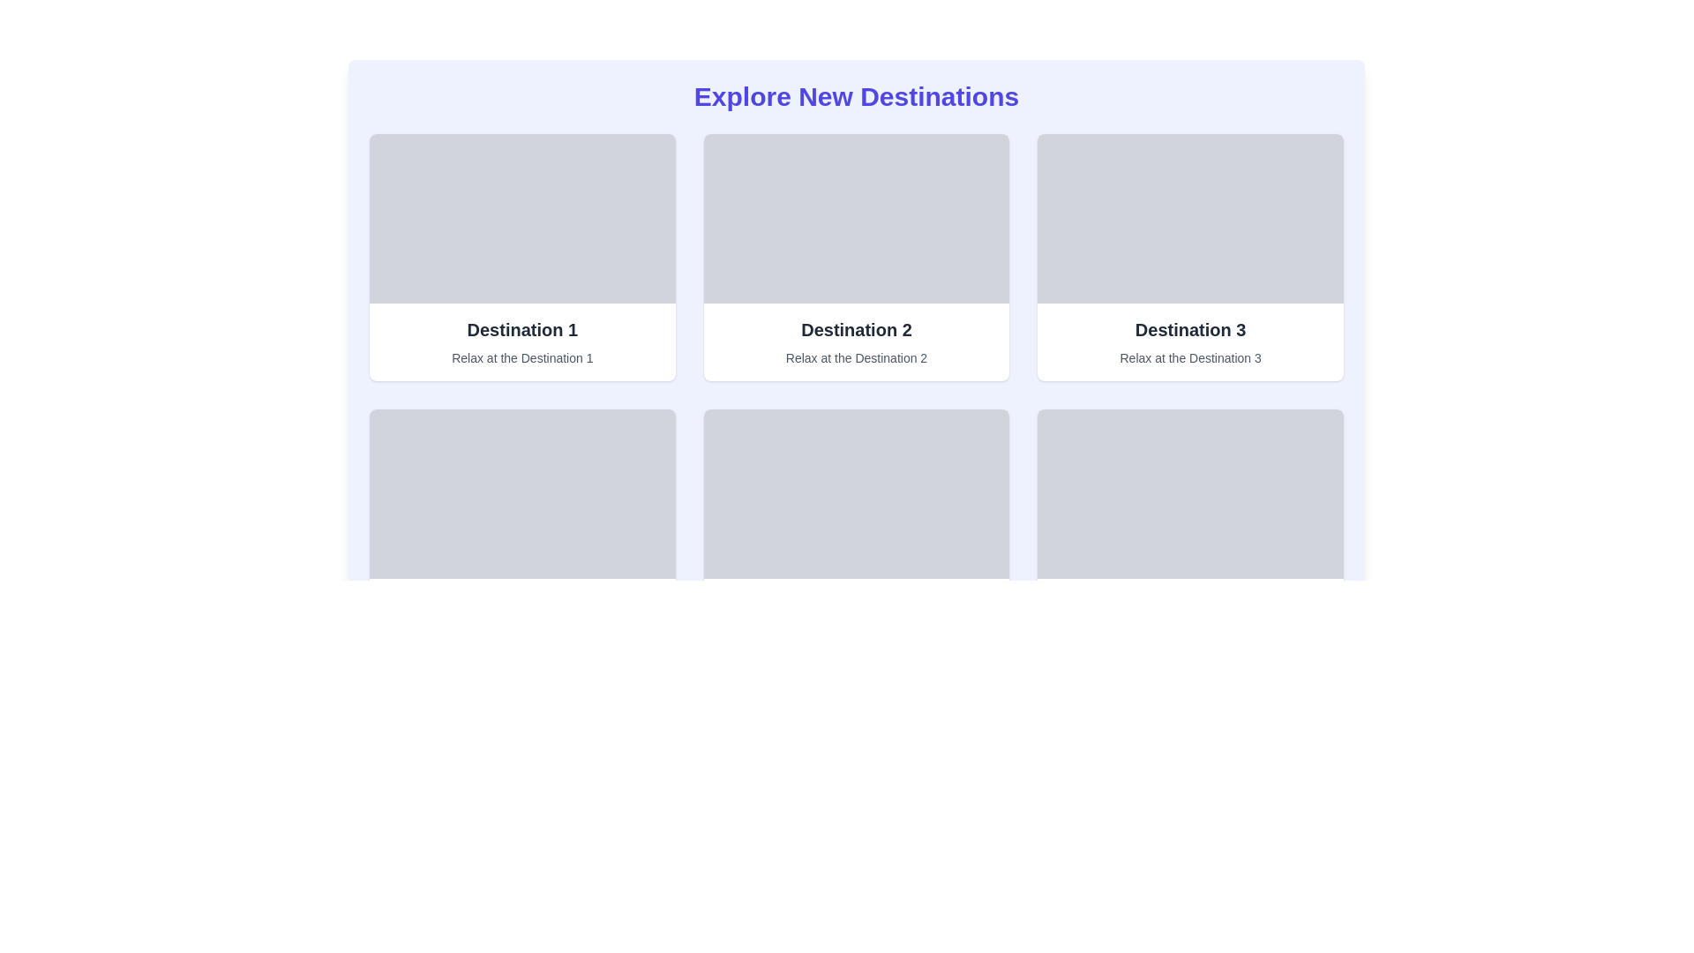  Describe the element at coordinates (856, 493) in the screenshot. I see `the decorative panel placeholder located in the card displaying 'Destination 5', positioned in the second row and first column of the grid` at that location.